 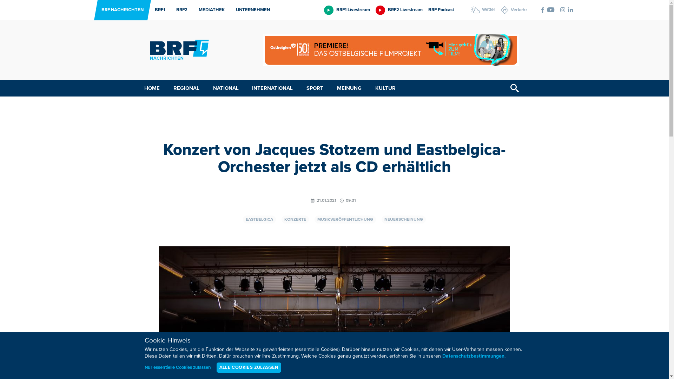 I want to click on 'MEDIATHEK', so click(x=209, y=10).